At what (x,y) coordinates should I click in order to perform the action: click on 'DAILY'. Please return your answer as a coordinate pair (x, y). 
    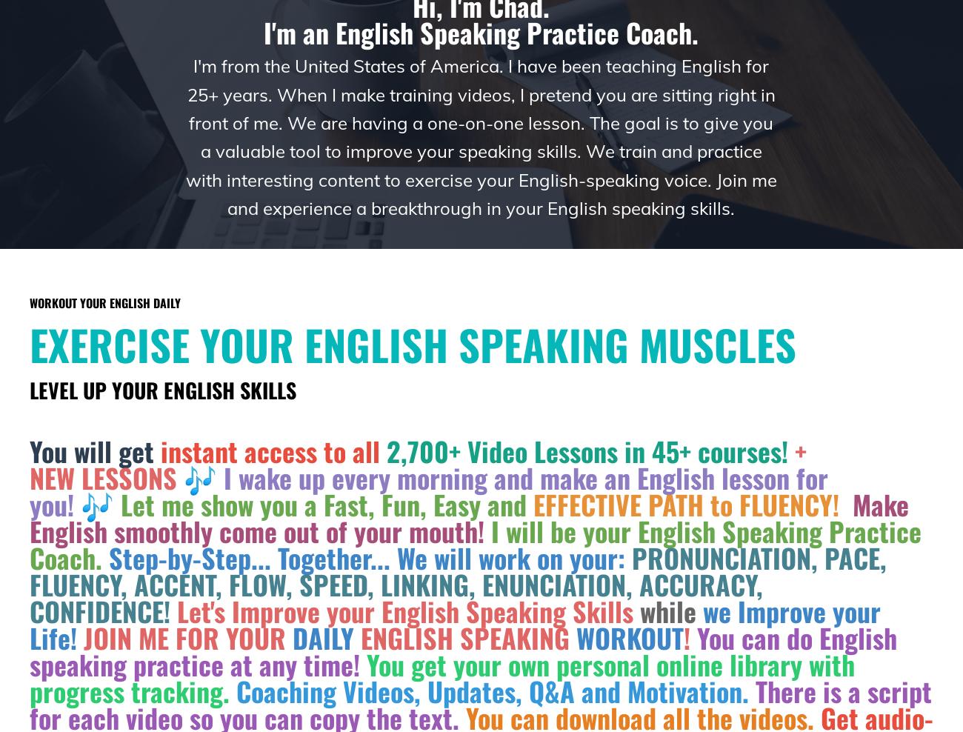
    Looking at the image, I should click on (325, 637).